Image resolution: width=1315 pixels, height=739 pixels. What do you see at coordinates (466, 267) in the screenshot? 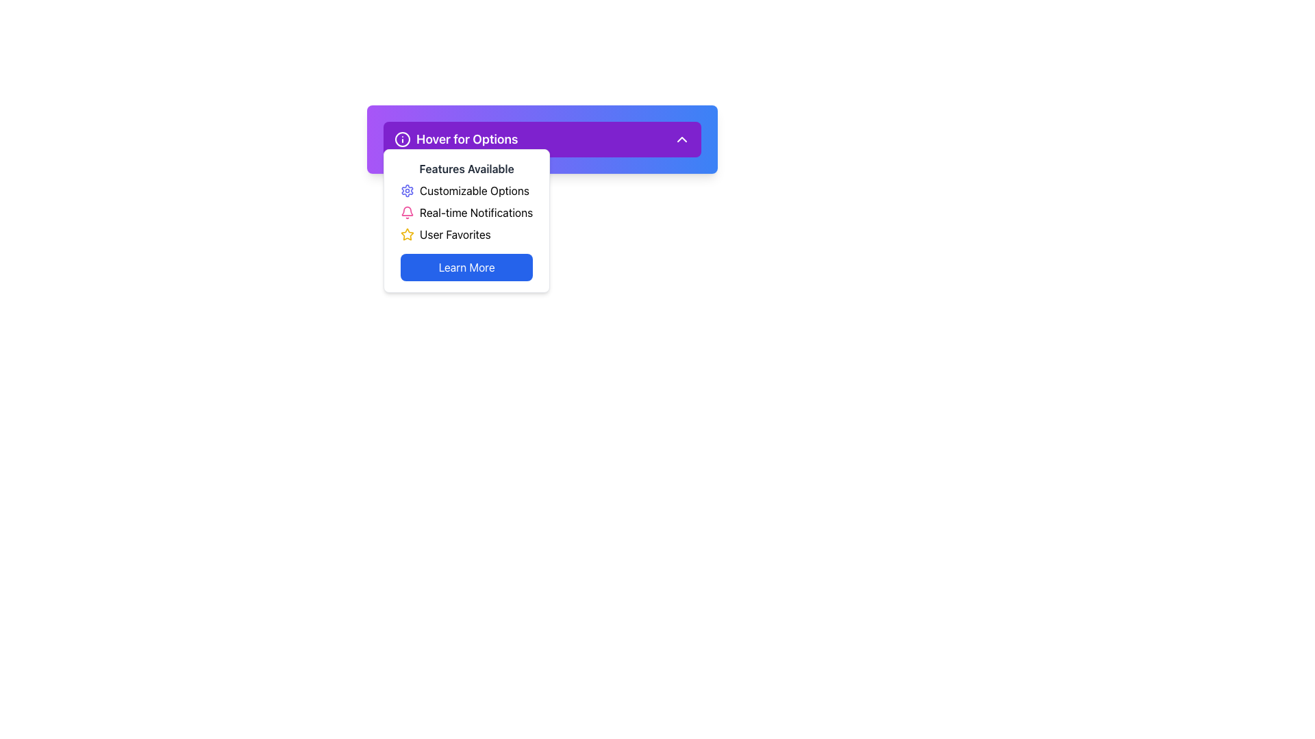
I see `the 'Learn More' button with a vivid blue background for accessibility purposes` at bounding box center [466, 267].